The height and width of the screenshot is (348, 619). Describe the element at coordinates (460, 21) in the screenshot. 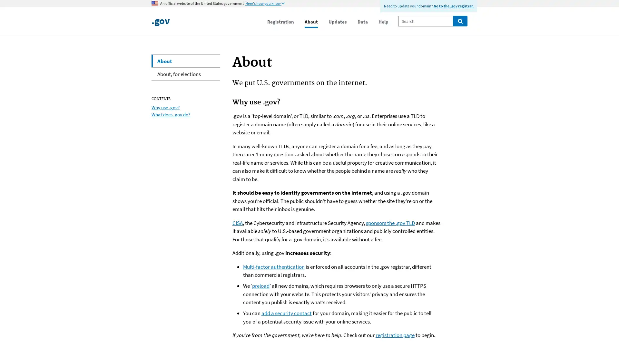

I see `Search` at that location.